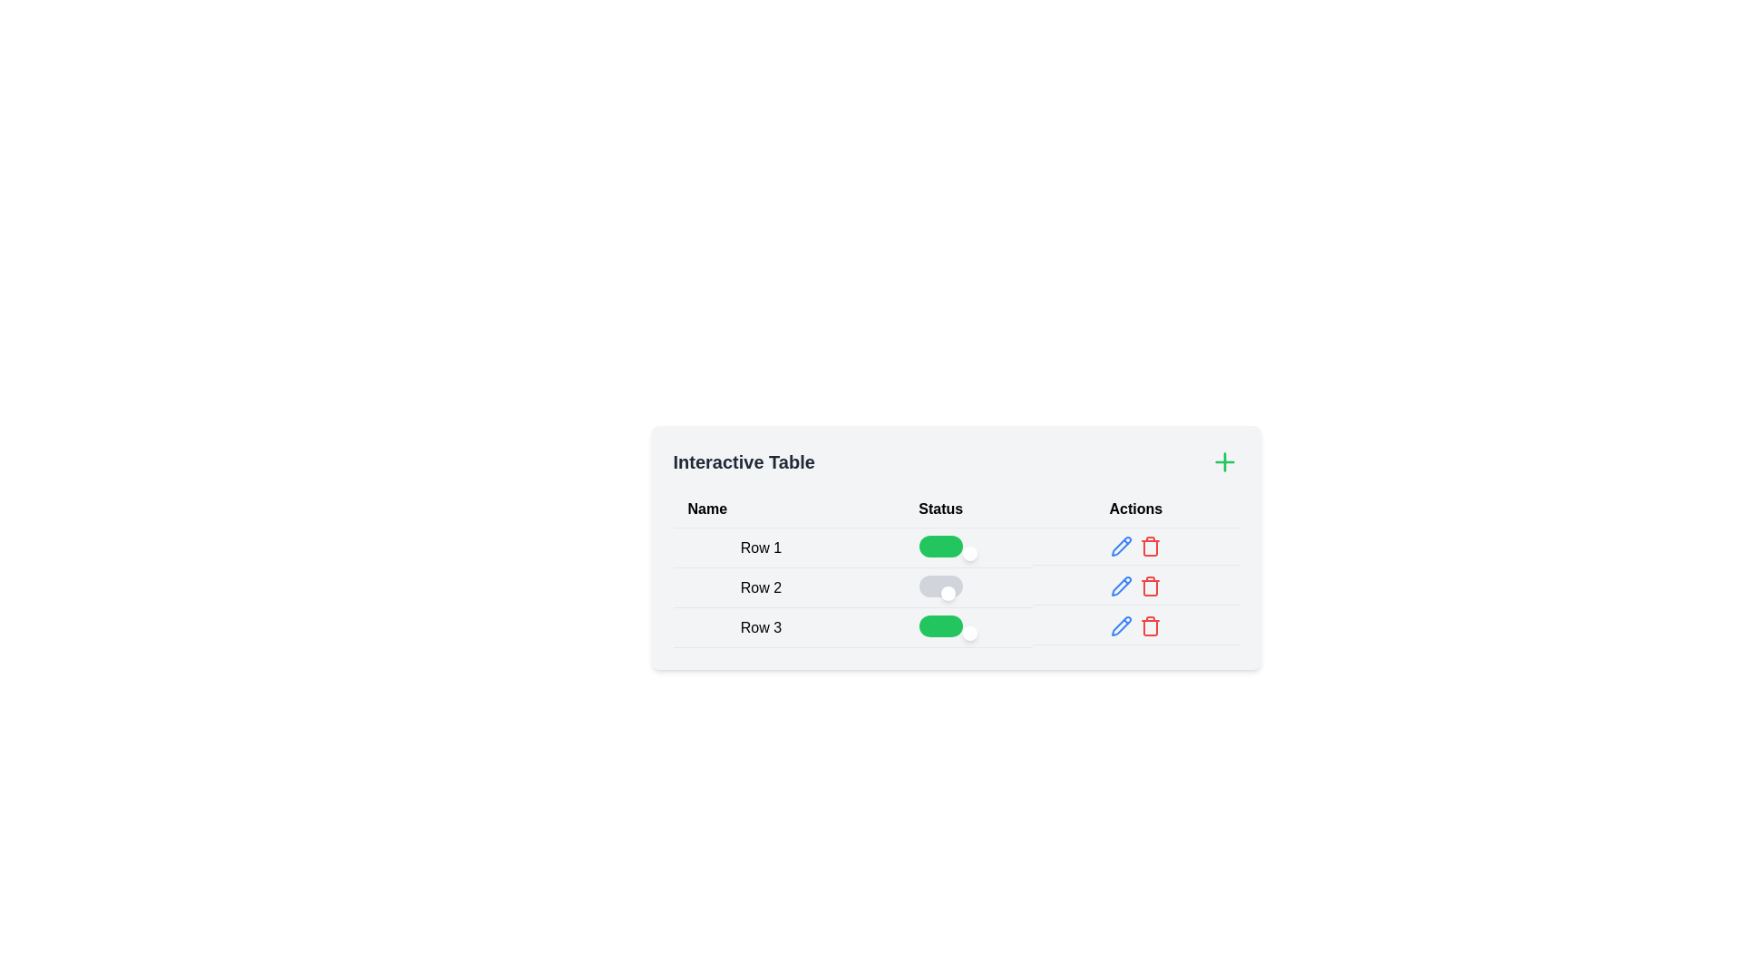 The height and width of the screenshot is (979, 1741). I want to click on the toggle switch located in the 'Status' column of 'Row 2' to potentially display a tooltip or state indication, so click(940, 587).